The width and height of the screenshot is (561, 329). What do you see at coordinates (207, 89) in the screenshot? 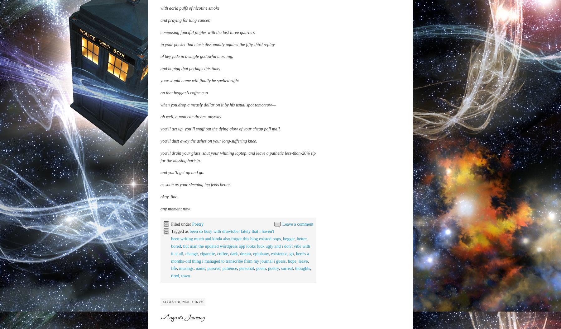
I see `'composing fanciful jingles with the last three quarters'` at bounding box center [207, 89].